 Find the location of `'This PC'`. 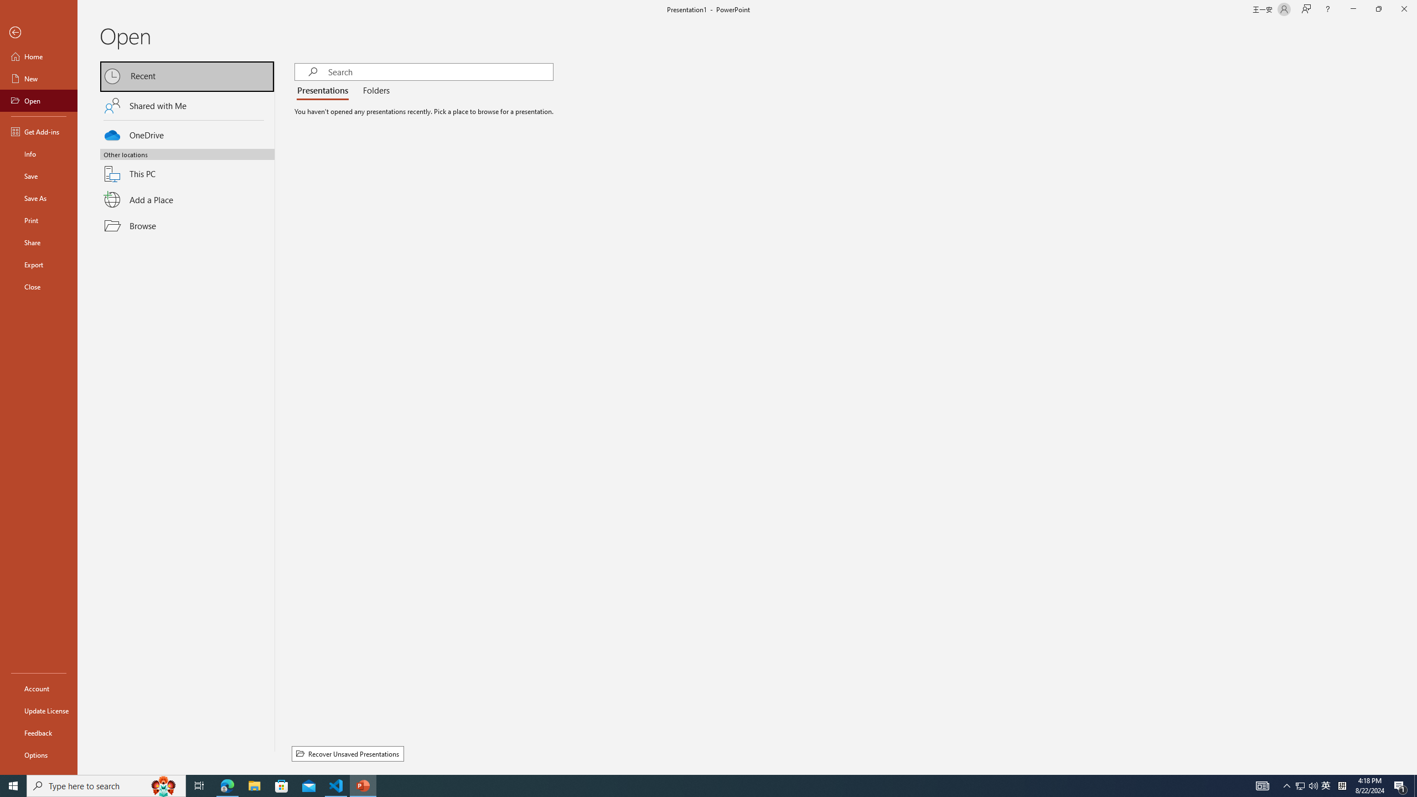

'This PC' is located at coordinates (187, 167).